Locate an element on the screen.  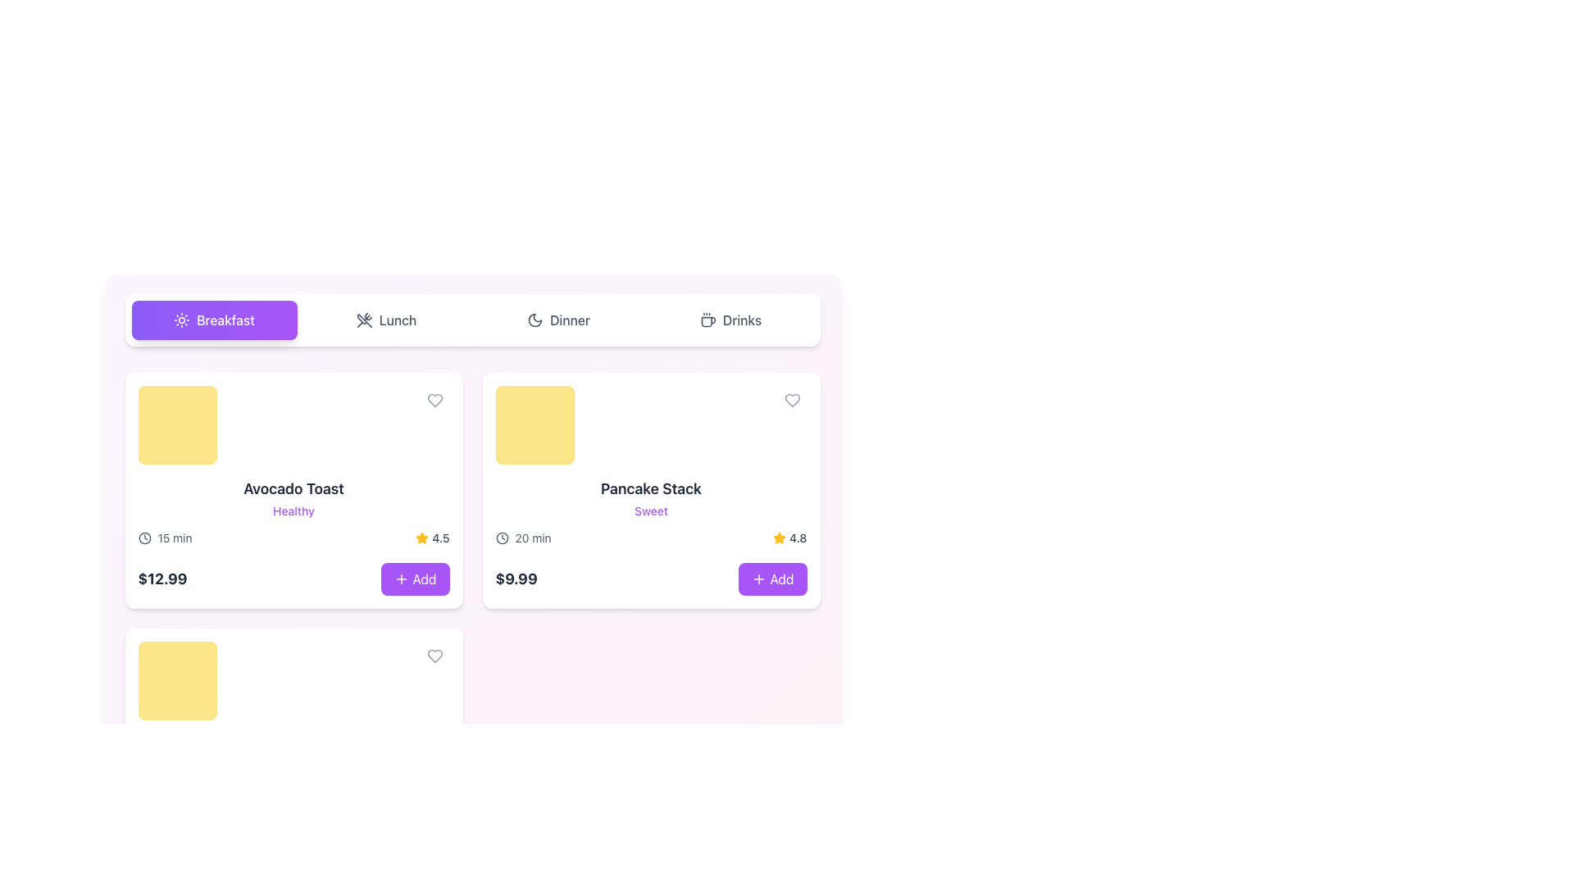
the text label indicating the preparation or cooking time for the food item 'Pancake Stack', which is located beneath its title and beside the price and rating elements is located at coordinates (522, 538).